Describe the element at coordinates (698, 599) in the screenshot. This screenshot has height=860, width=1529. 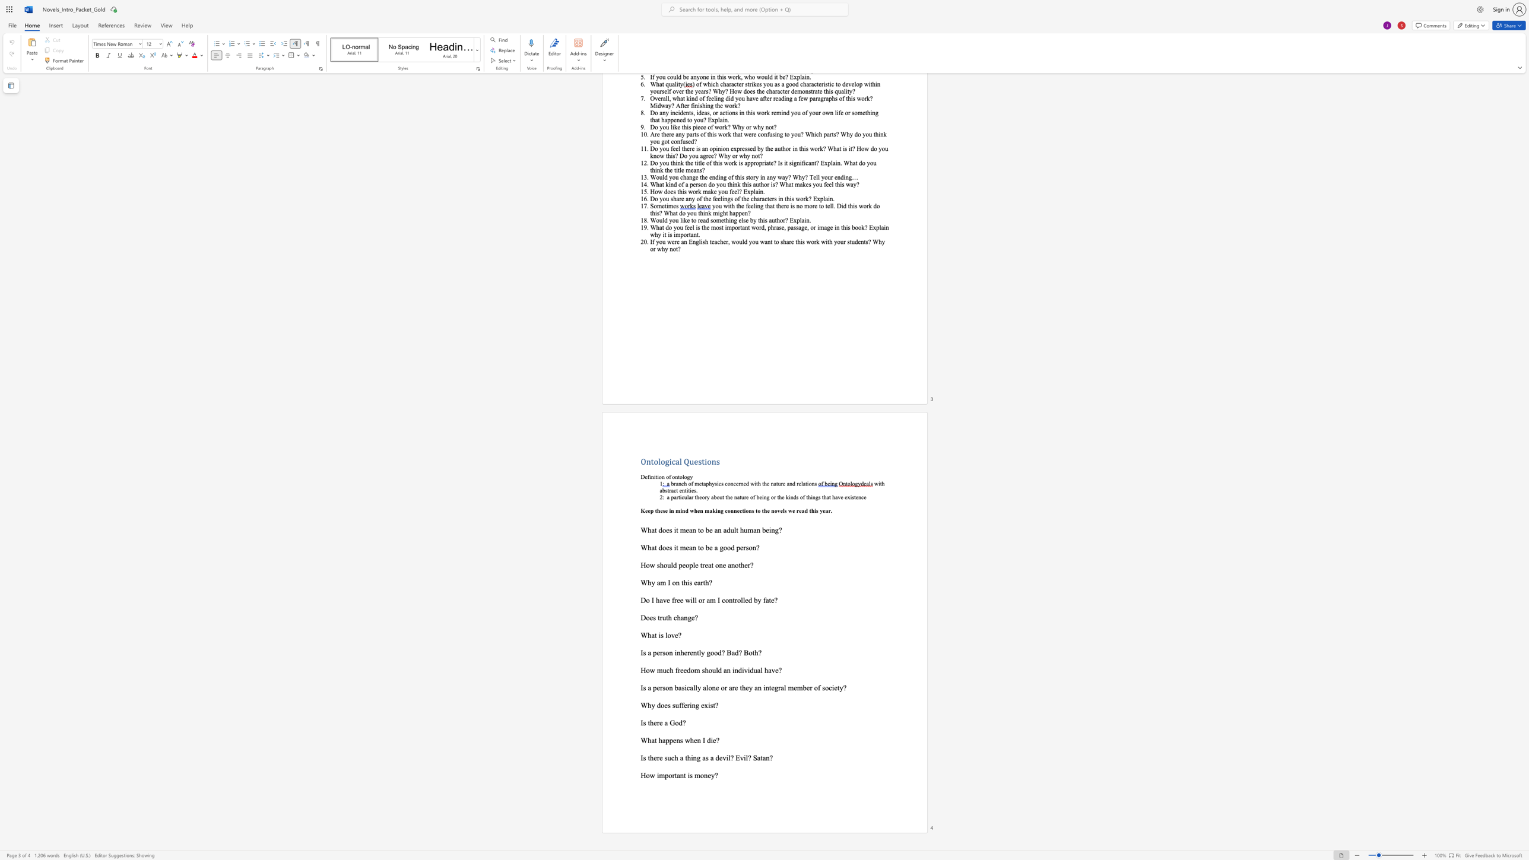
I see `the subset text "or am I controlle" within the text "Do I have free will or am I controlled by fate?"` at that location.